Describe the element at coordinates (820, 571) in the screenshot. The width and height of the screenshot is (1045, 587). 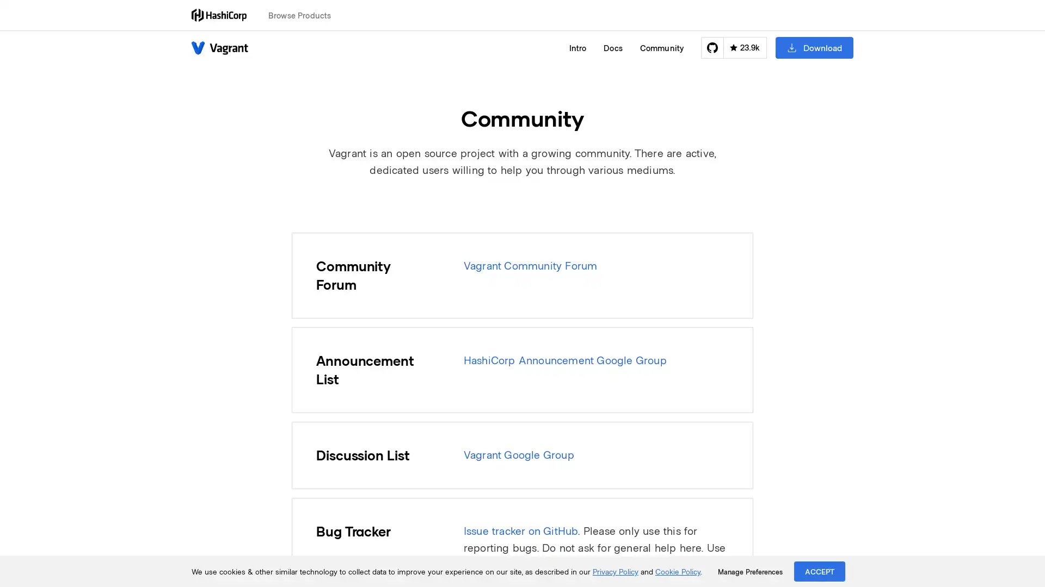
I see `ACCEPT` at that location.